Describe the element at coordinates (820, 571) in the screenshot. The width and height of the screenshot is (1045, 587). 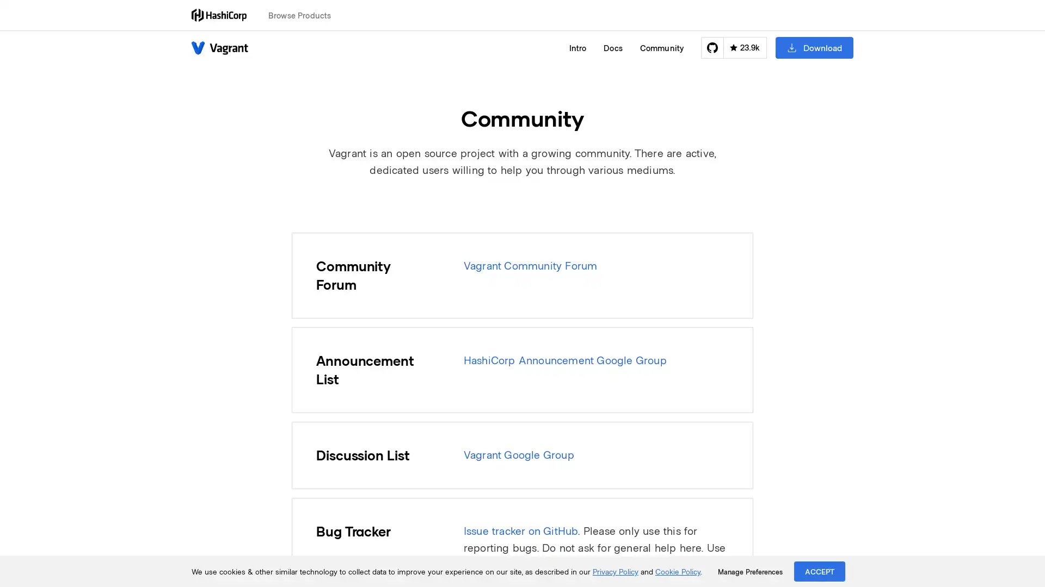
I see `ACCEPT` at that location.